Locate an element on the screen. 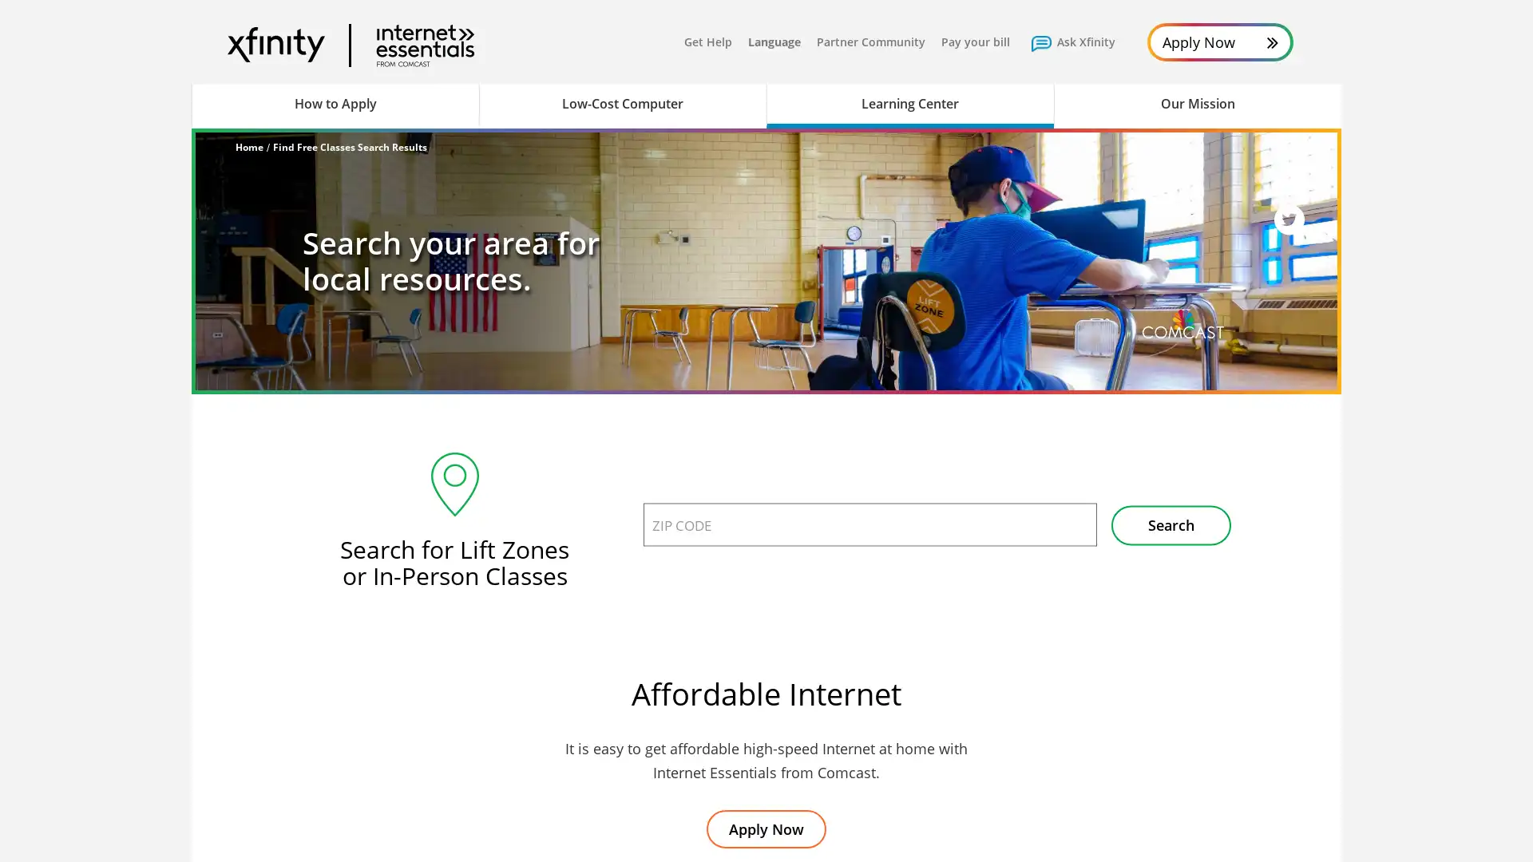 The width and height of the screenshot is (1533, 862). Search is located at coordinates (1171, 525).